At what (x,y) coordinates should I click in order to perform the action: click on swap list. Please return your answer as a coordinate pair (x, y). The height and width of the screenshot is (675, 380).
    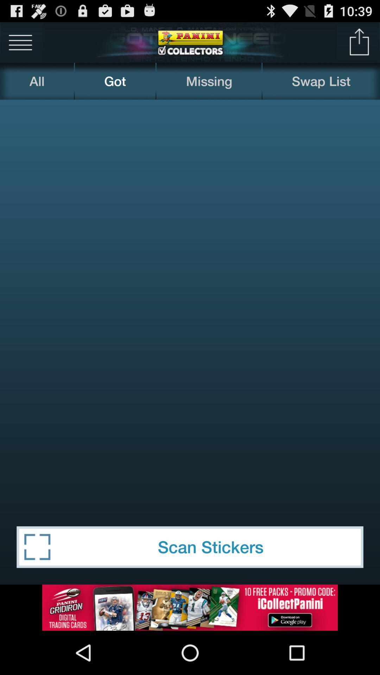
    Looking at the image, I should click on (321, 81).